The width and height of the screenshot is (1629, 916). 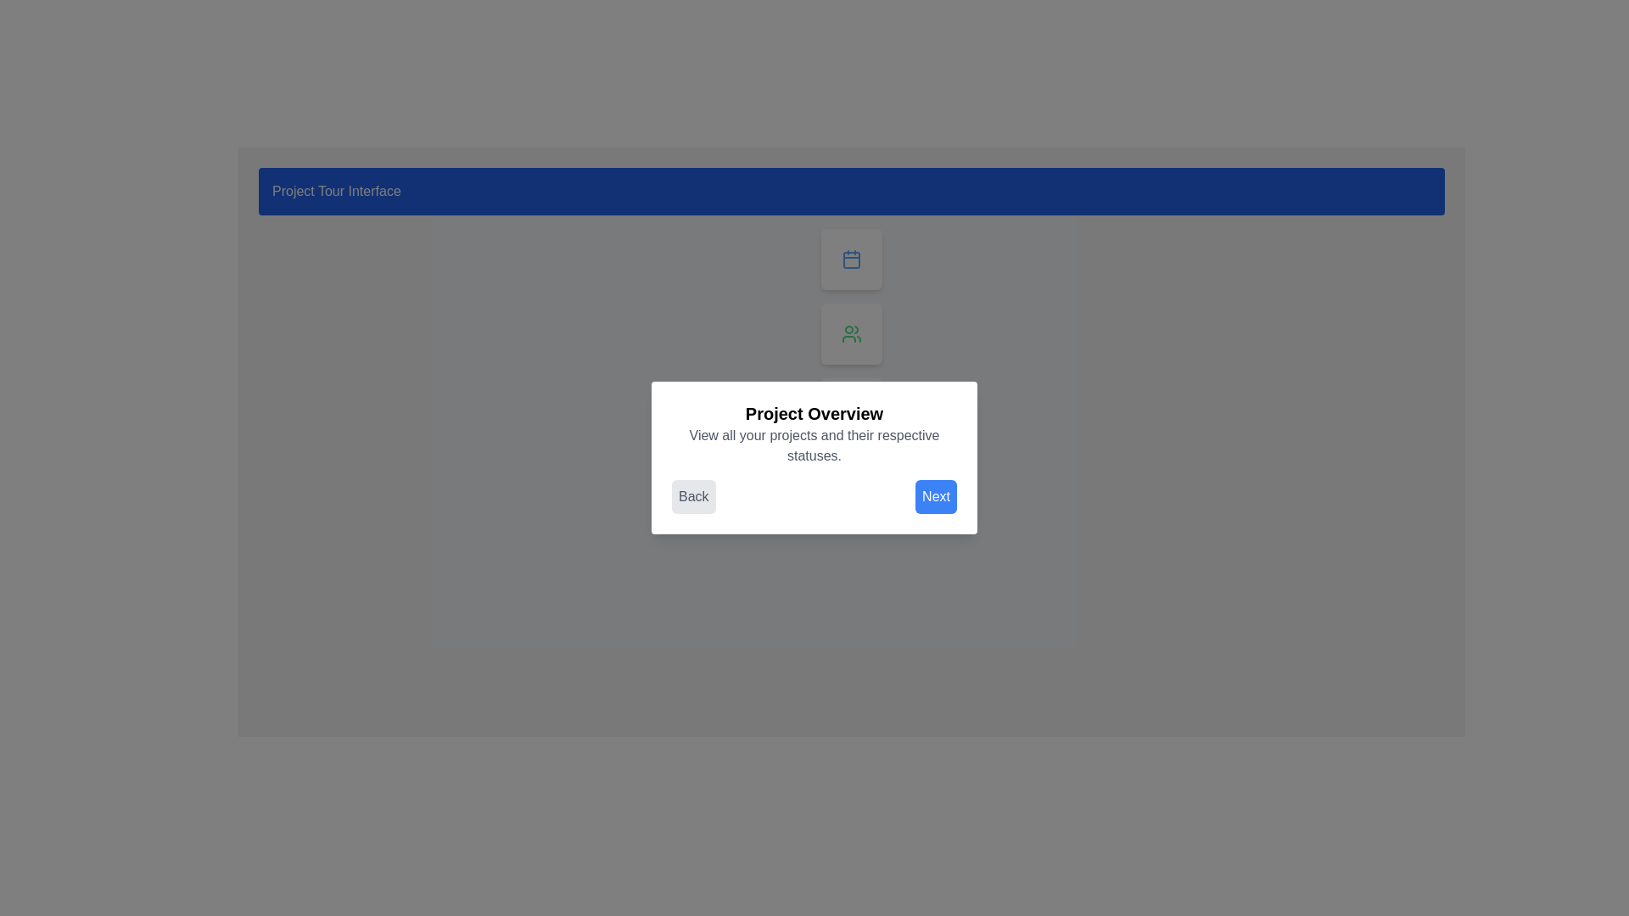 I want to click on the static text element labeled 'Project Overview', which is styled as a title in a bold and extra-large font at the top of a white rounded rectangular dialog box, so click(x=814, y=414).